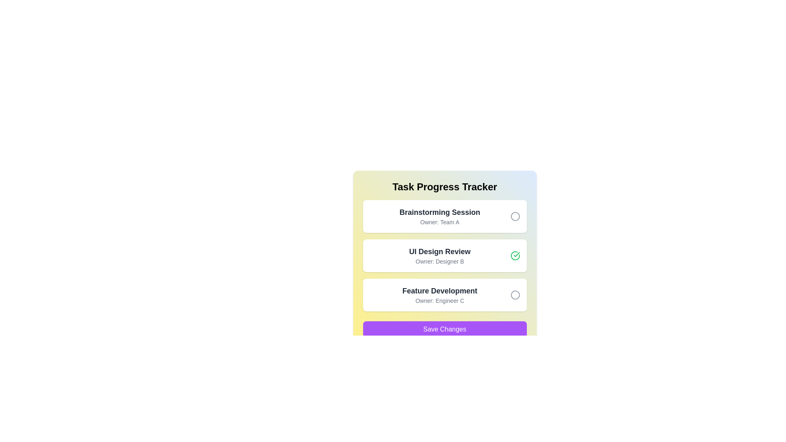 This screenshot has height=442, width=786. What do you see at coordinates (439, 212) in the screenshot?
I see `the text element labeled 'Brainstorming Session'` at bounding box center [439, 212].